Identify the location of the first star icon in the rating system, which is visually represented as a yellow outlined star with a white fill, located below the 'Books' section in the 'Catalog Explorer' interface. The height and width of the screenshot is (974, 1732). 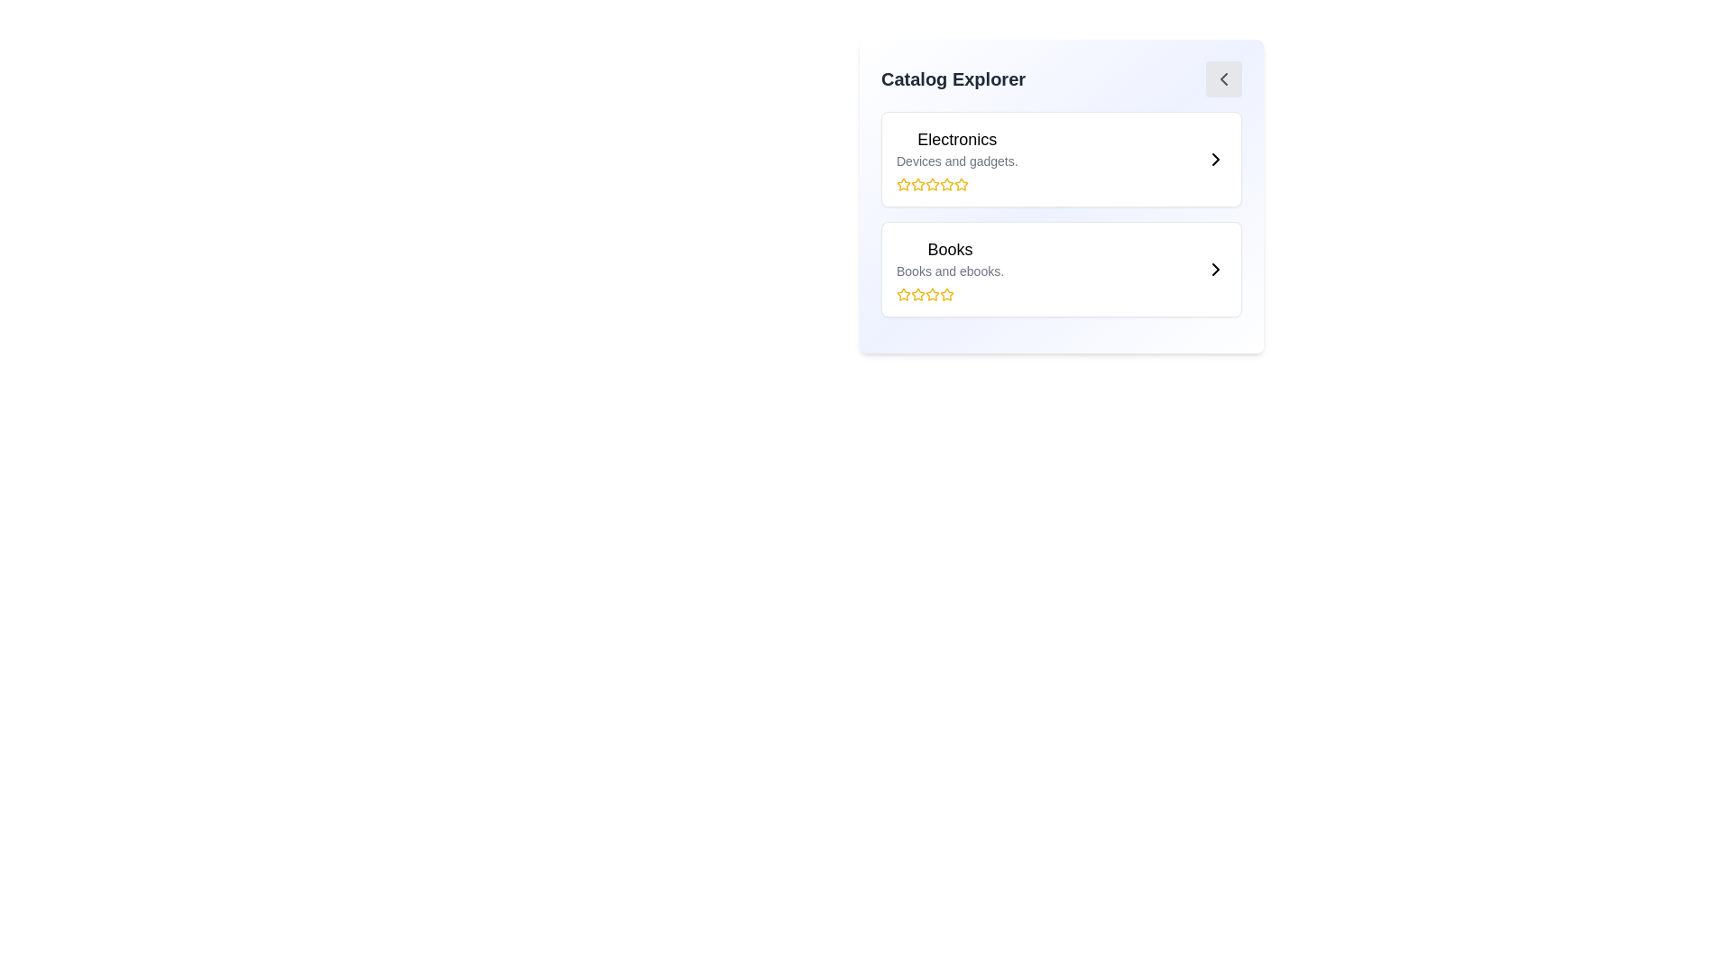
(904, 293).